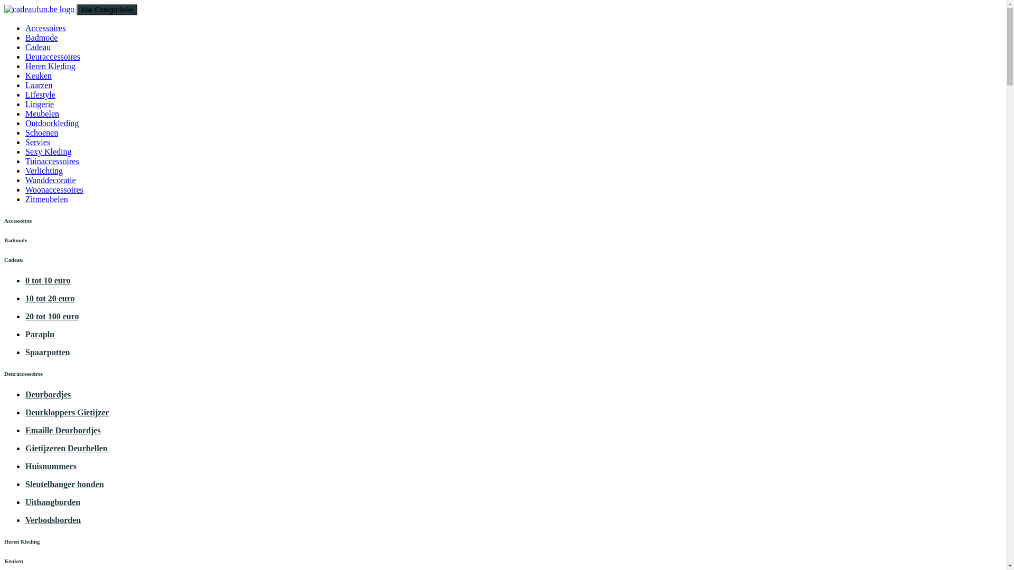 The width and height of the screenshot is (1014, 570). I want to click on 'Cadeau', so click(25, 46).